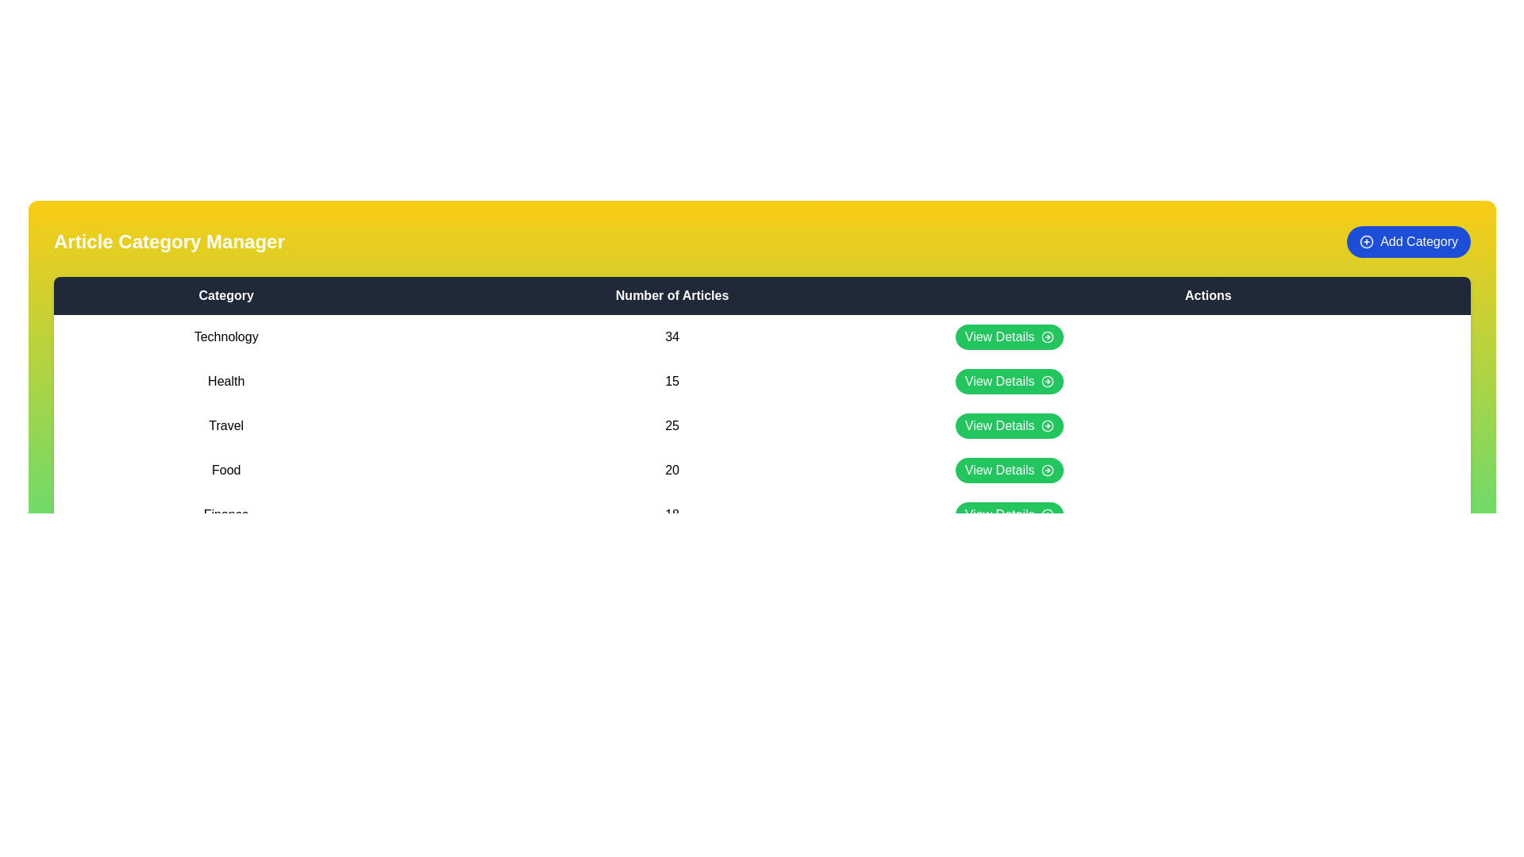 The height and width of the screenshot is (857, 1524). Describe the element at coordinates (1008, 514) in the screenshot. I see `the 'View Details' button for the category 'Finance'` at that location.